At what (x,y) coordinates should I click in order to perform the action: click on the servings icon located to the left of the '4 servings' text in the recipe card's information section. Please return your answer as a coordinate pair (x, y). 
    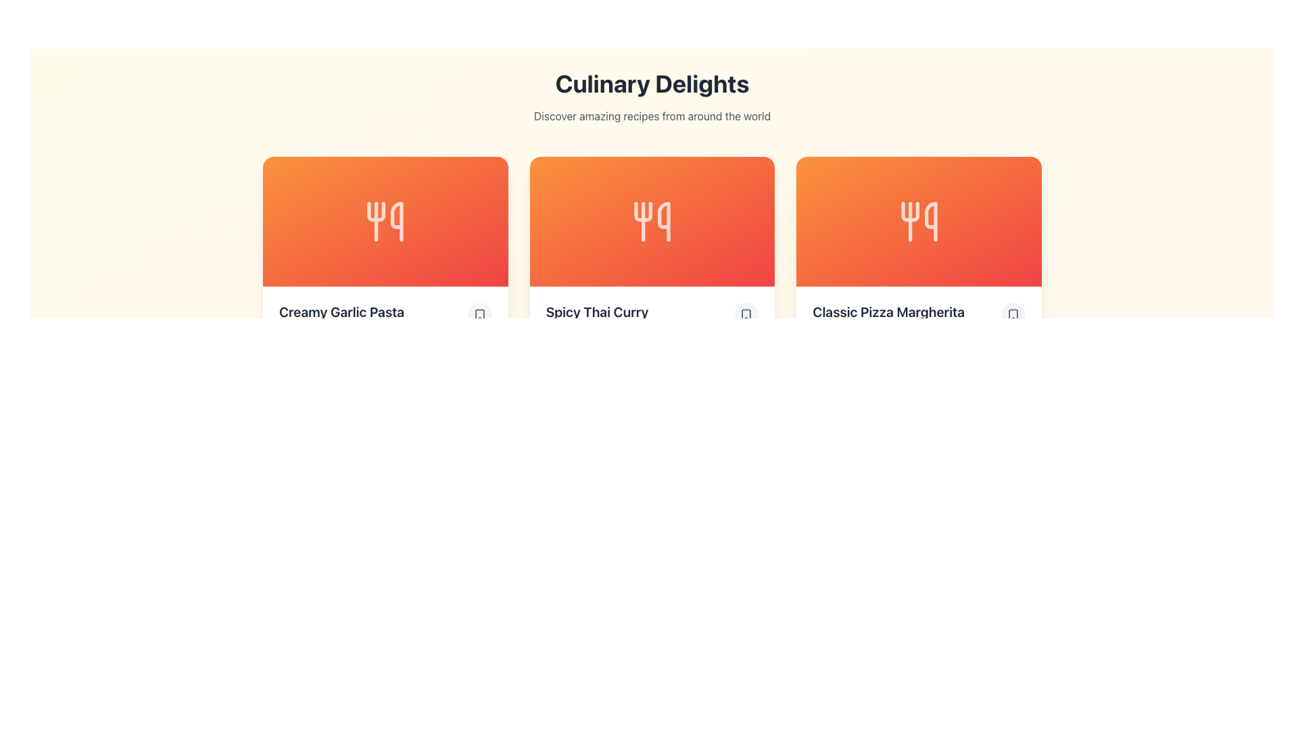
    Looking at the image, I should click on (395, 345).